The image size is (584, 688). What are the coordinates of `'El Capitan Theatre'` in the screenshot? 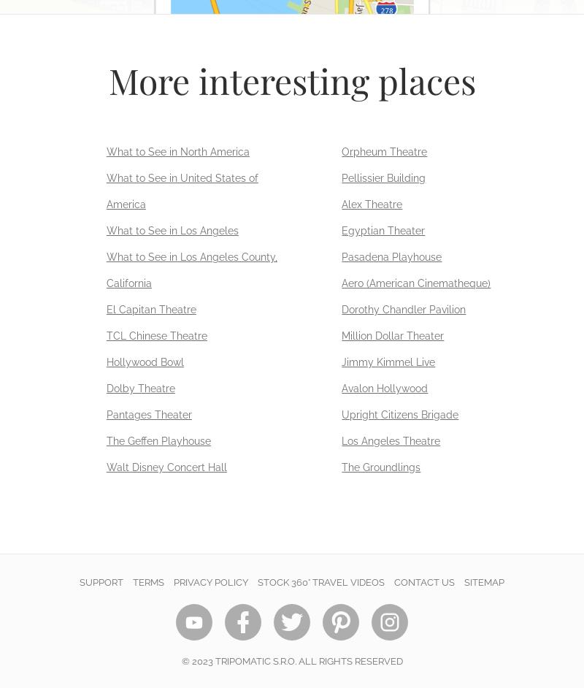 It's located at (150, 309).